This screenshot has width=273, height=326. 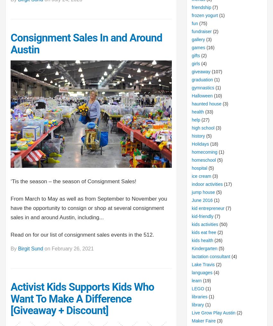 I want to click on 'haunted house', so click(x=206, y=104).